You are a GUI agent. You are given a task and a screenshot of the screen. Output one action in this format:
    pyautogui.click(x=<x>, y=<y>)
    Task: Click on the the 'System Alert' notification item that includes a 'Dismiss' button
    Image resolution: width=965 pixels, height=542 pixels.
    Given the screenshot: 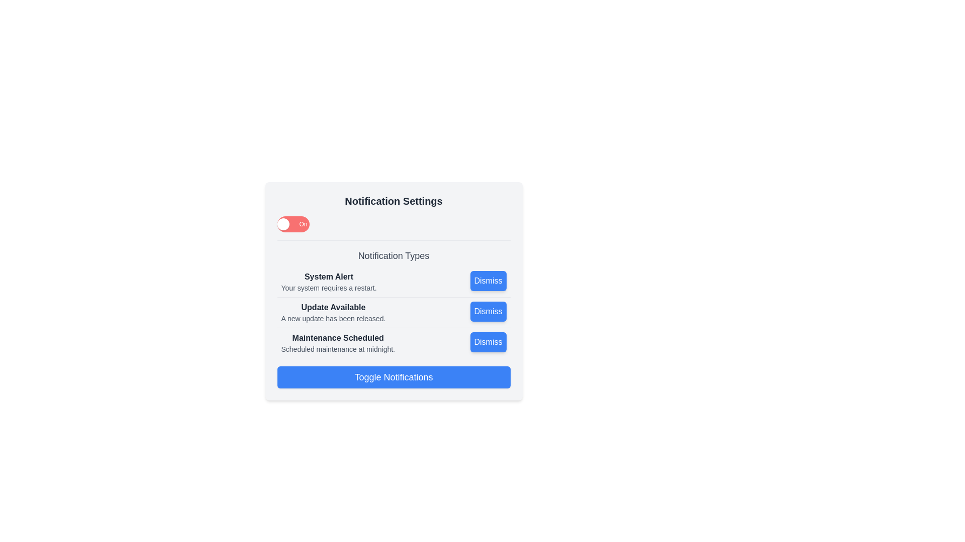 What is the action you would take?
    pyautogui.click(x=393, y=282)
    